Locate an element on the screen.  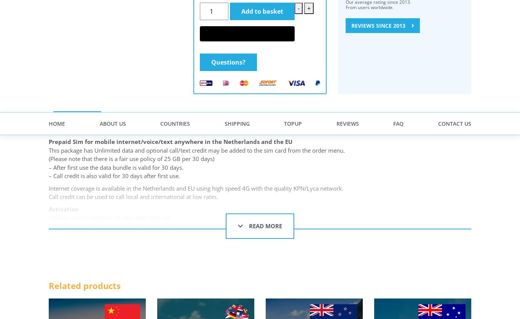
'Sitemap' is located at coordinates (204, 104).